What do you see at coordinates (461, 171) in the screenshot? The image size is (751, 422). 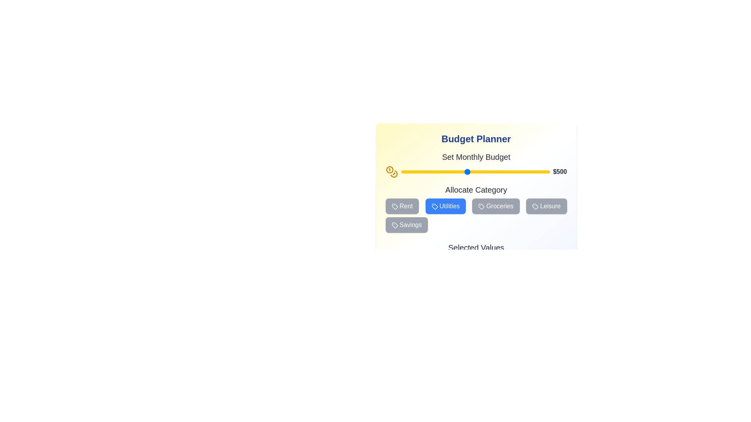 I see `the slider` at bounding box center [461, 171].